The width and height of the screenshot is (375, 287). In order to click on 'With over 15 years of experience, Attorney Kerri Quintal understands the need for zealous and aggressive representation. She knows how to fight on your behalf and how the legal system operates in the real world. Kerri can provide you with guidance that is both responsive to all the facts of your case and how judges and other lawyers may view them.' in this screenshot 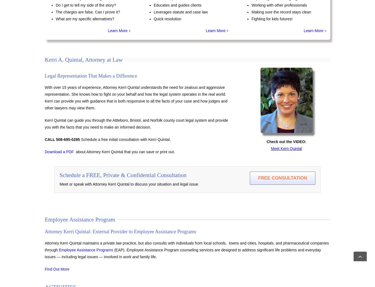, I will do `click(136, 98)`.